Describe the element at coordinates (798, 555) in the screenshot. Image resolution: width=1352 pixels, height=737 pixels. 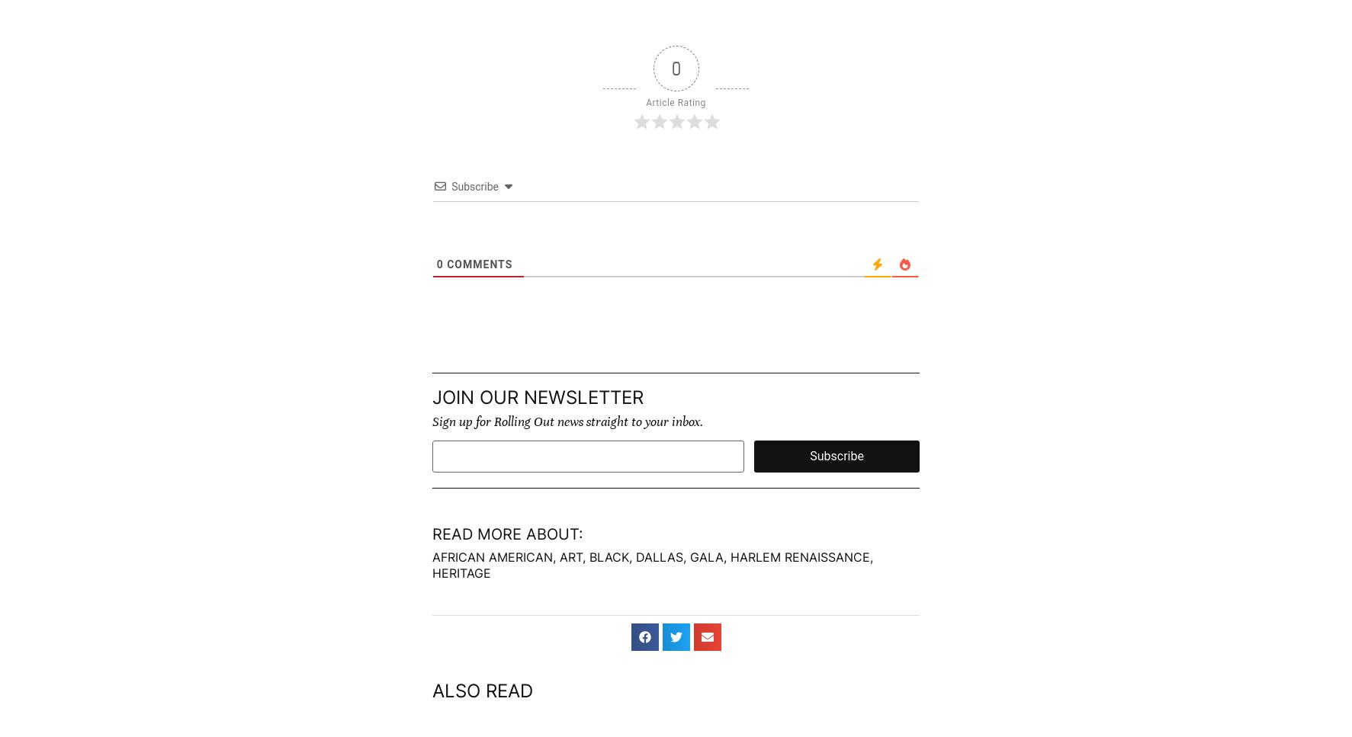
I see `'harlem renaissance'` at that location.